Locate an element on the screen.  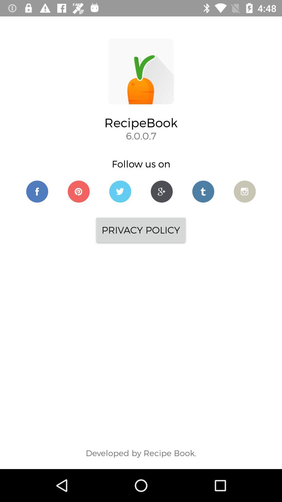
follow their pinterest page is located at coordinates (79, 191).